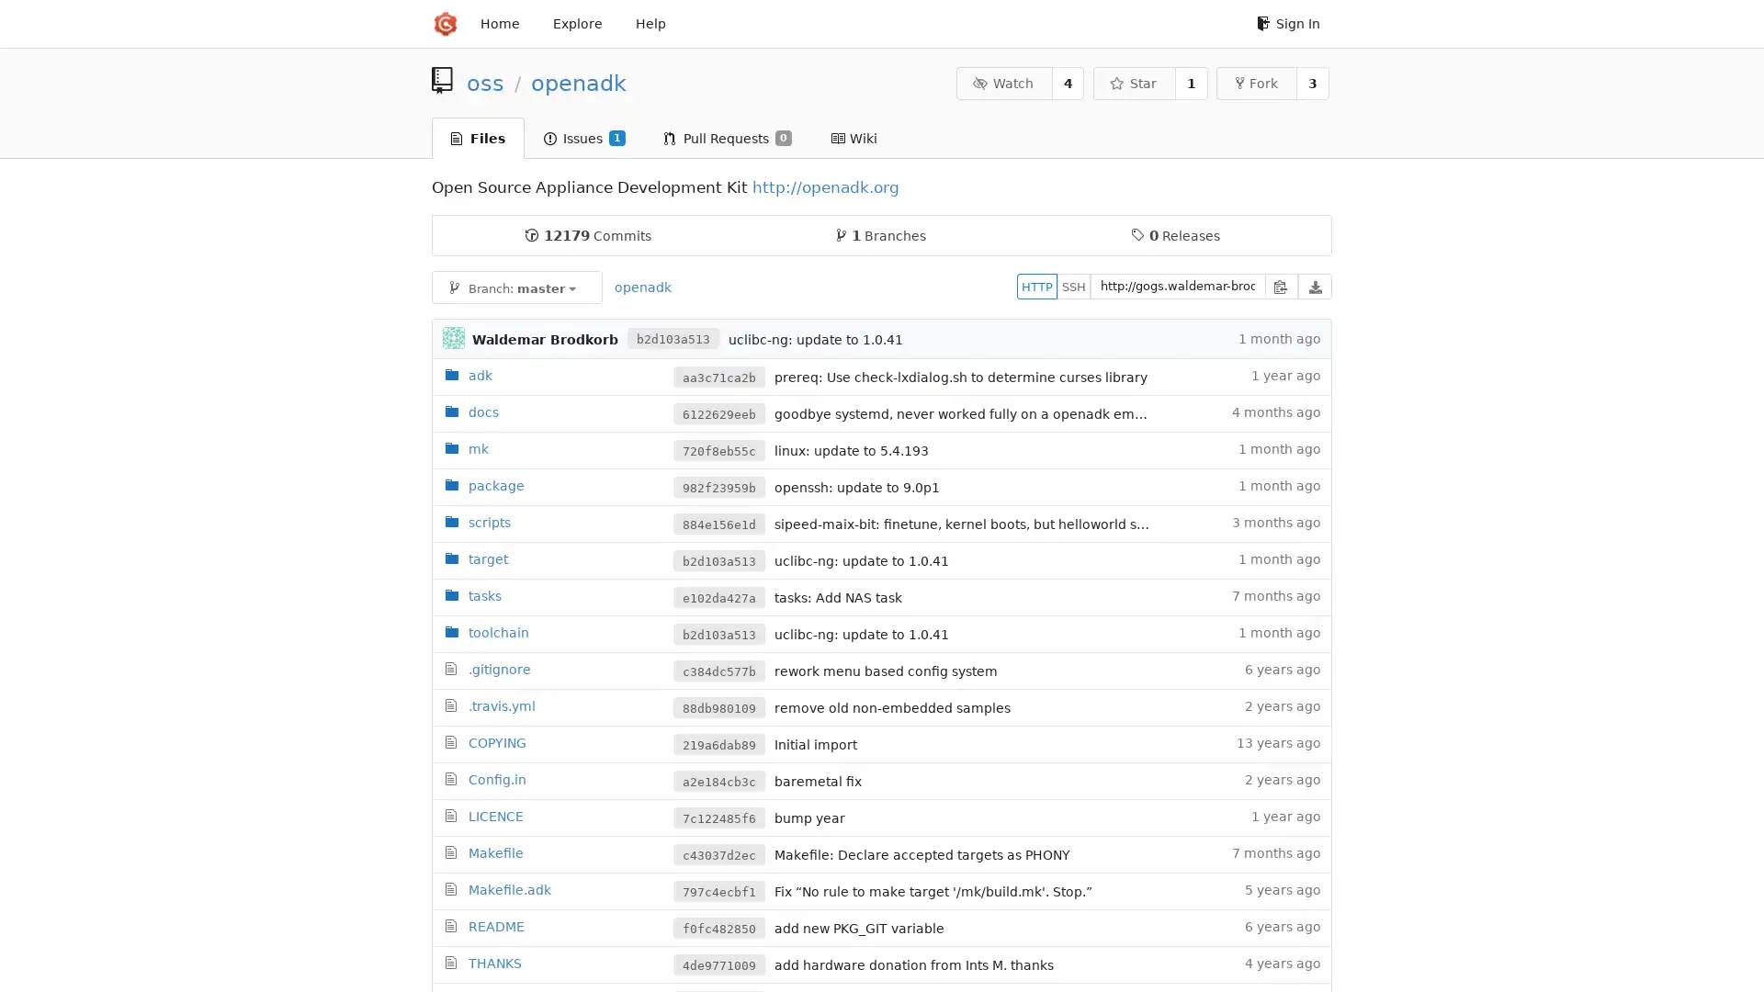  Describe the element at coordinates (1003, 84) in the screenshot. I see `Watch` at that location.